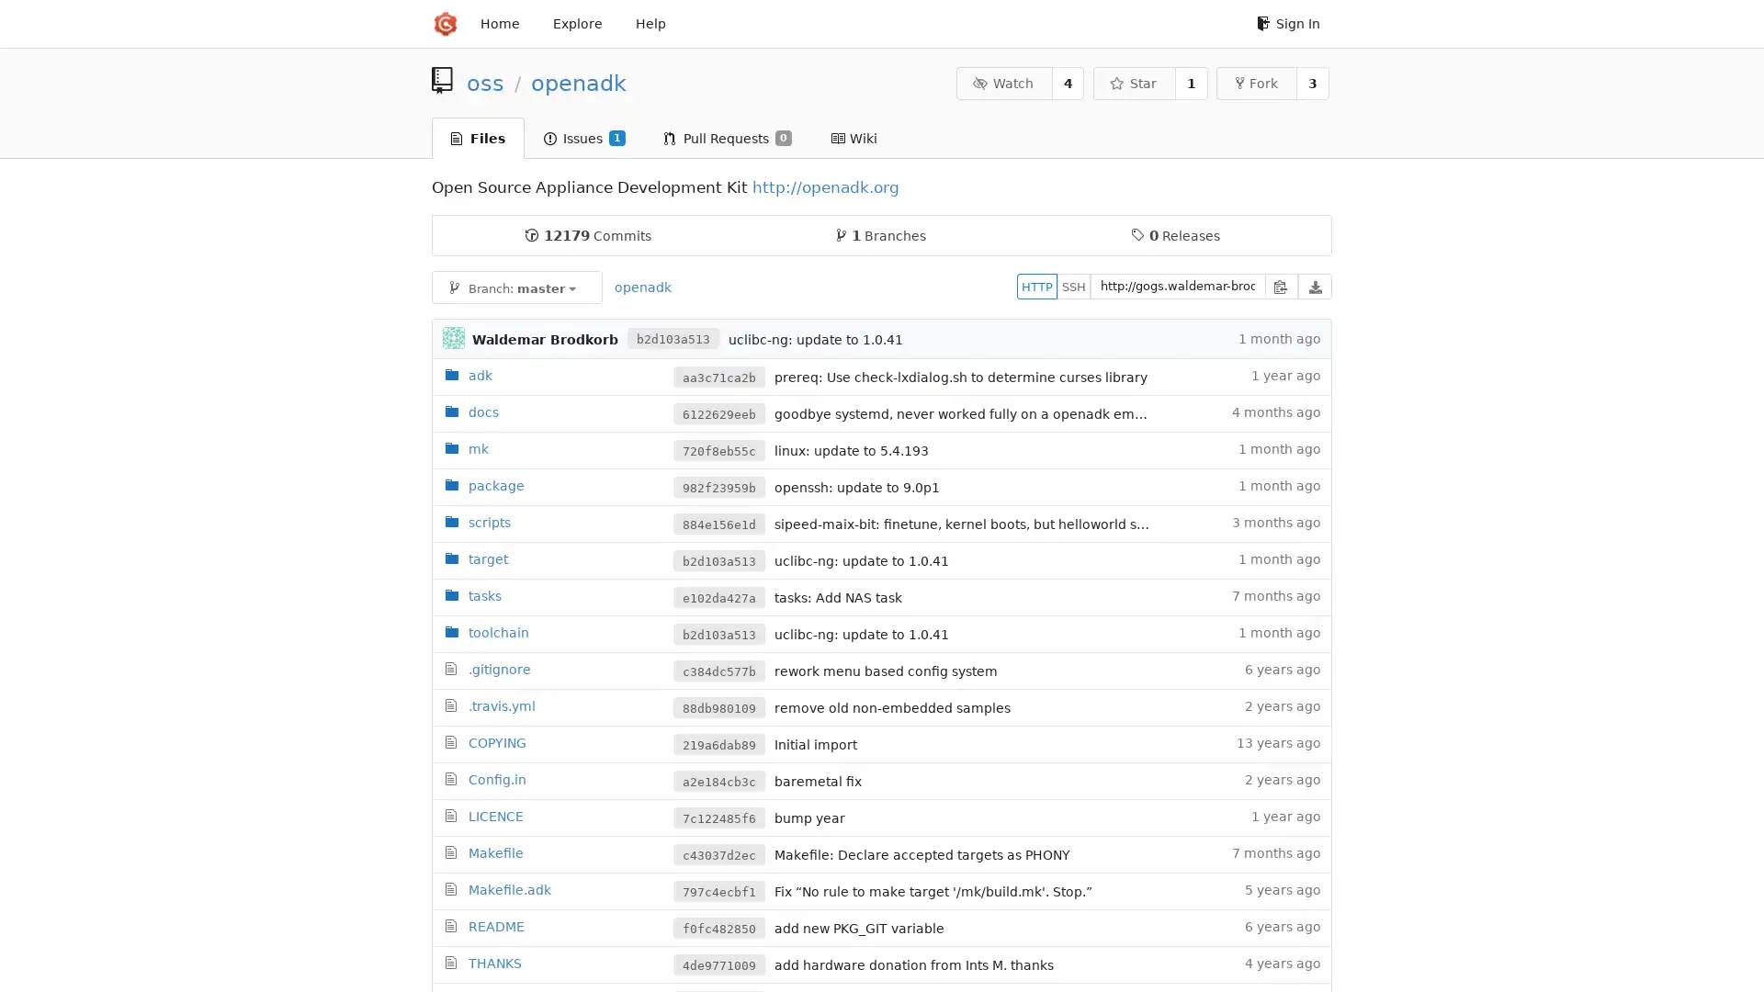  Describe the element at coordinates (1003, 84) in the screenshot. I see `Watch` at that location.